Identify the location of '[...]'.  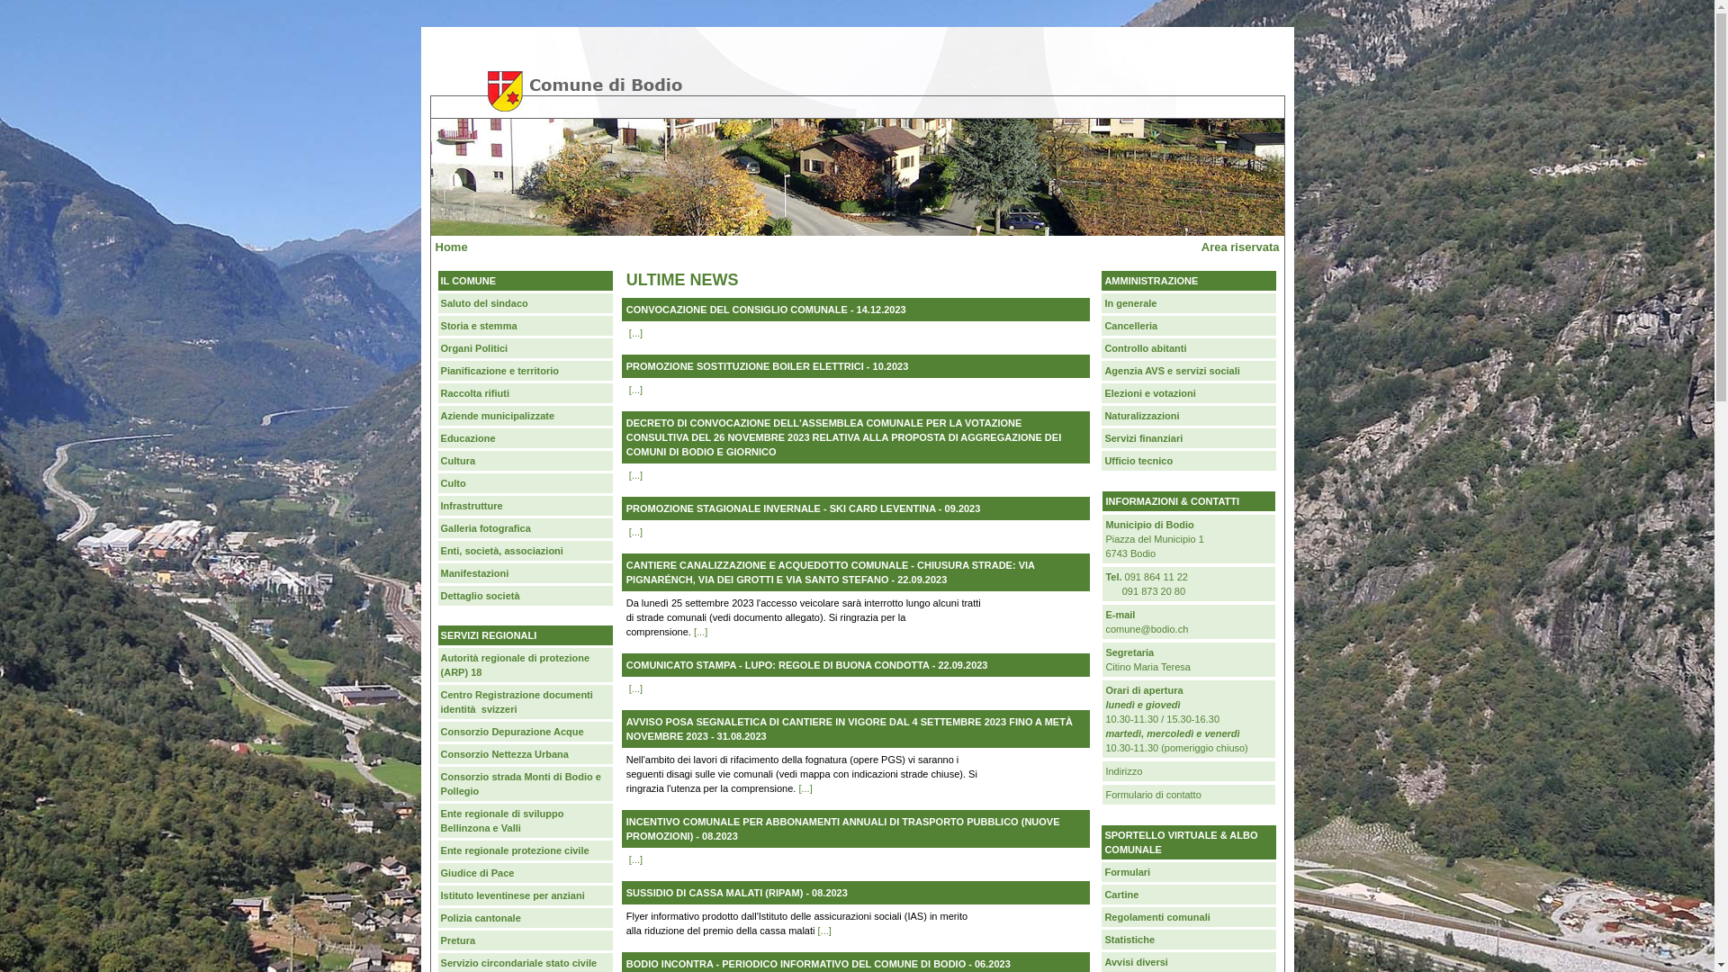
(635, 333).